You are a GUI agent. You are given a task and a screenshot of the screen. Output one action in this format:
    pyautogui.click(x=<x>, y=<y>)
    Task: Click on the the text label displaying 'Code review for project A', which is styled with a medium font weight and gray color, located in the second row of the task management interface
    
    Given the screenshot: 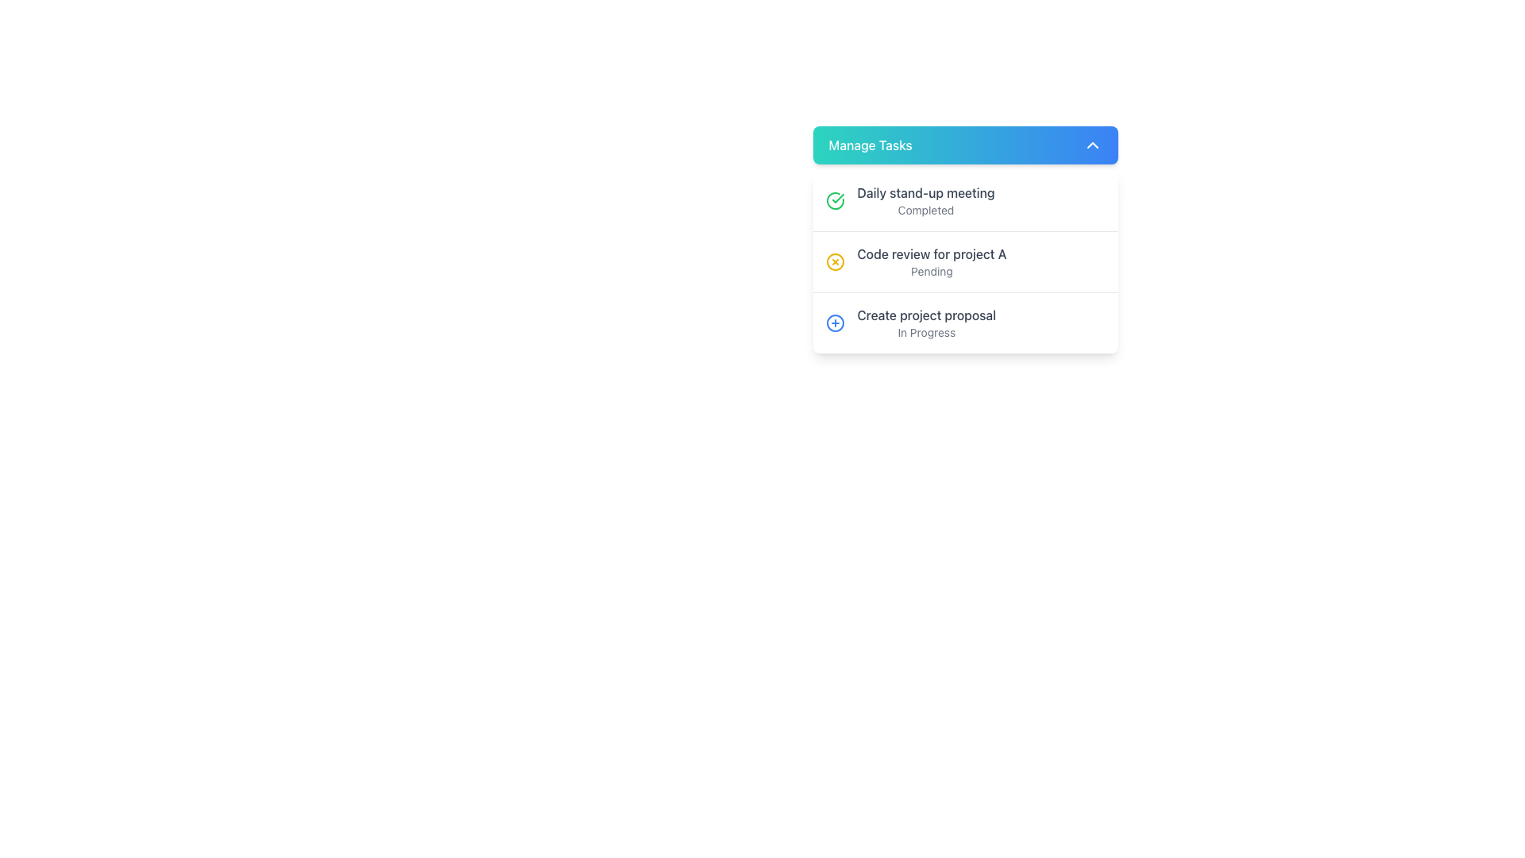 What is the action you would take?
    pyautogui.click(x=932, y=253)
    